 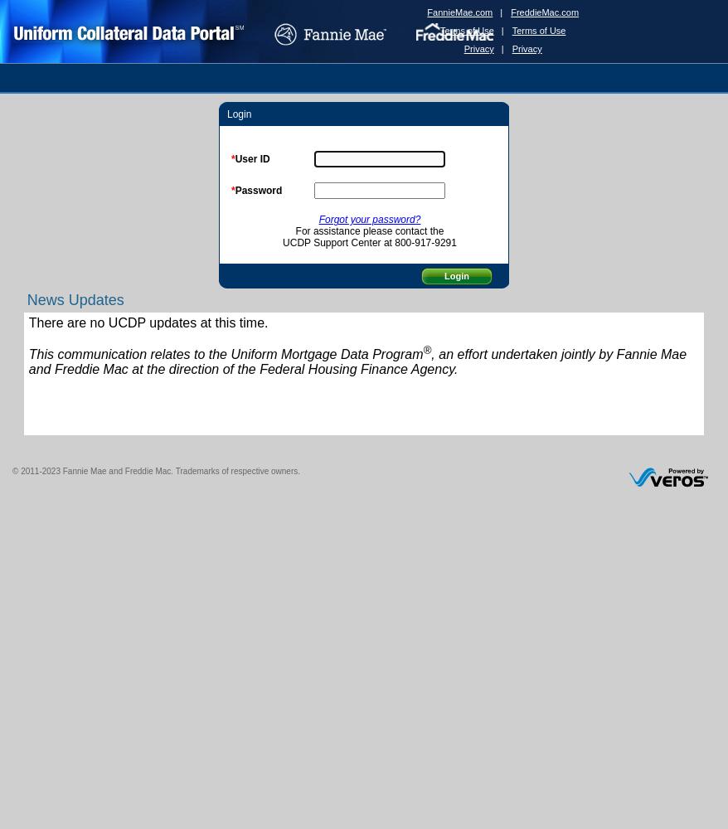 I want to click on ', an effort undertaken jointly by Fannie Mae and Freddie Mac at the direction of the Federal Housing Finance Agency.', so click(x=357, y=361).